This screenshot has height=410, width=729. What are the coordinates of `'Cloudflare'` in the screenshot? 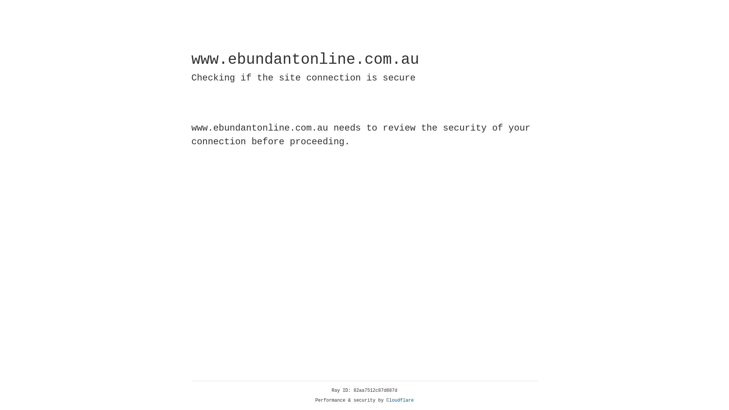 It's located at (386, 400).